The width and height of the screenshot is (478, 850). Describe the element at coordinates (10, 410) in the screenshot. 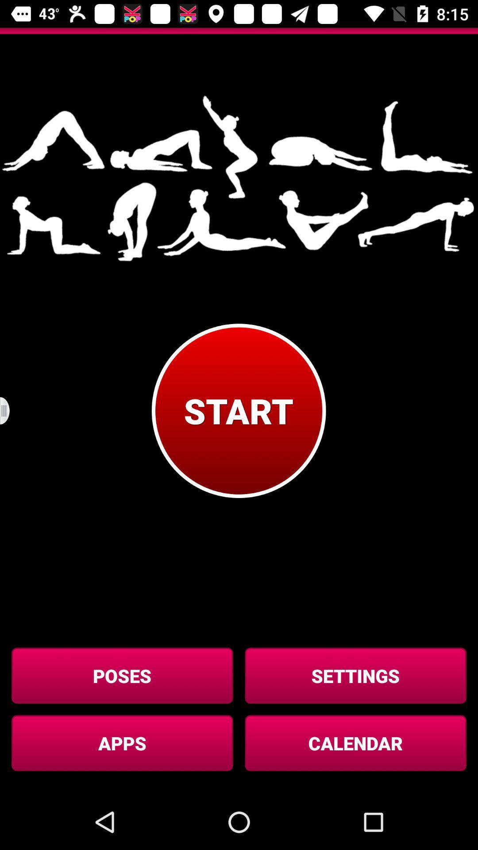

I see `the icon next to the start icon` at that location.